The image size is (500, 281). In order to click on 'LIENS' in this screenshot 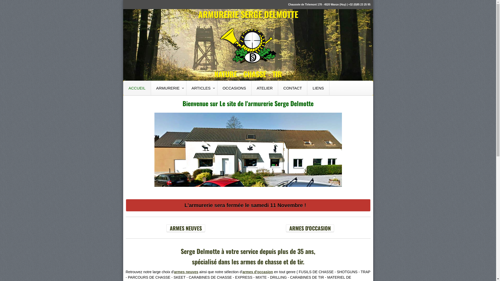, I will do `click(318, 88)`.